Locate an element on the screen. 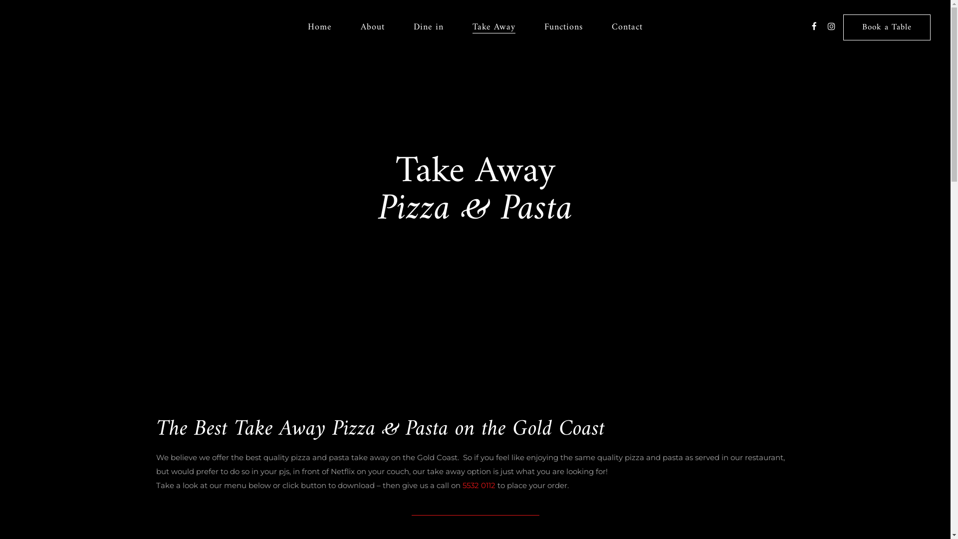  'Functions' is located at coordinates (563, 26).